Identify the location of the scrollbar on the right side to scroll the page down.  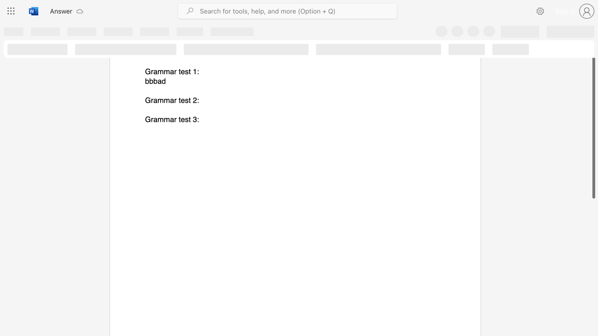
(593, 219).